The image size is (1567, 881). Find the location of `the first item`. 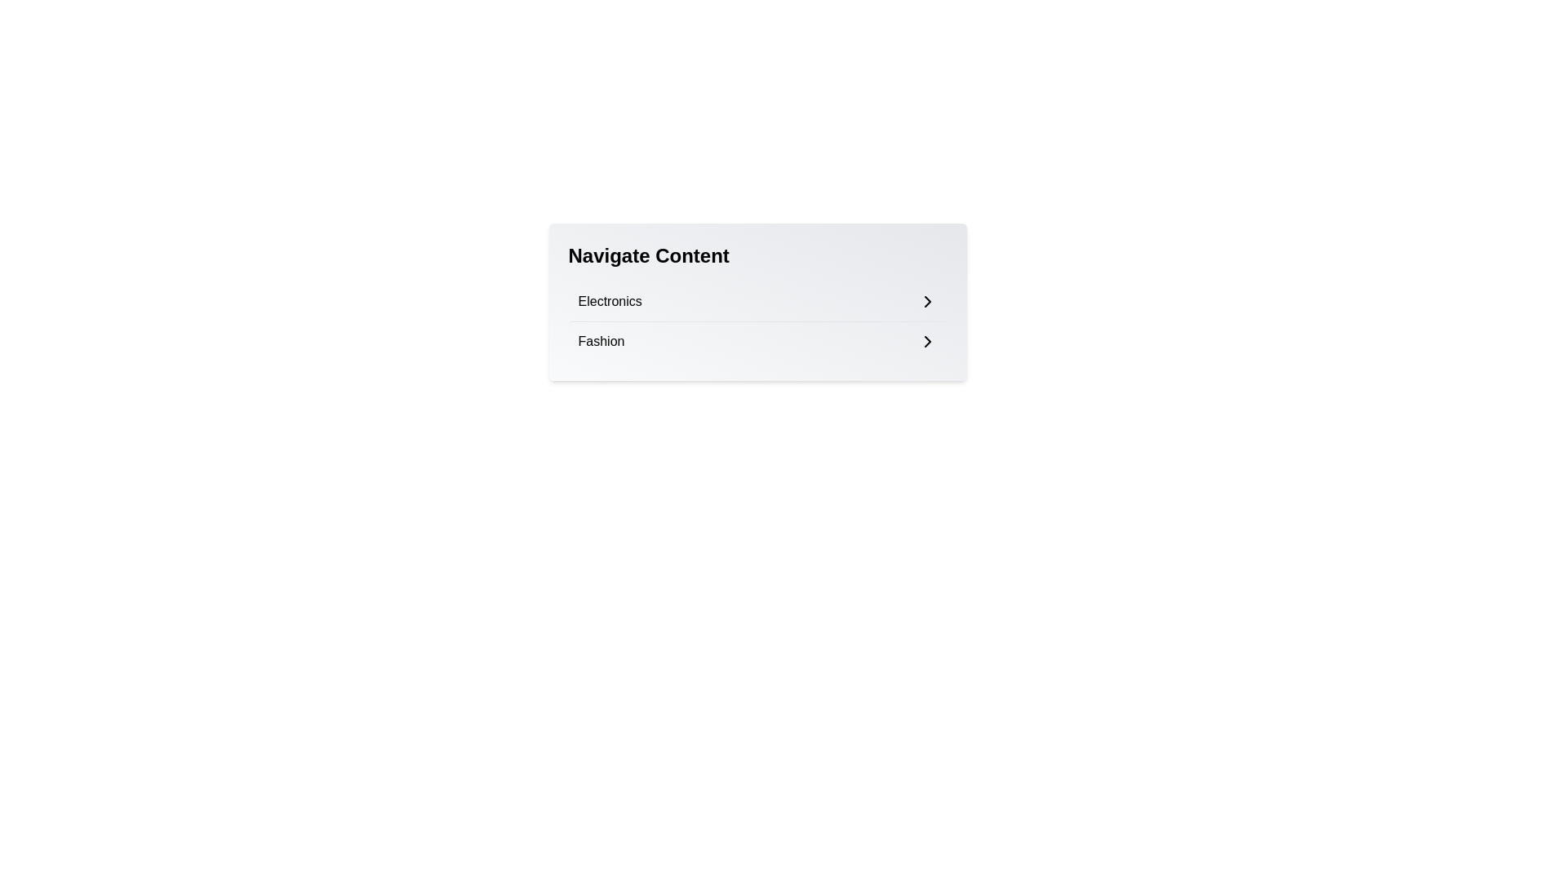

the first item is located at coordinates (757, 302).